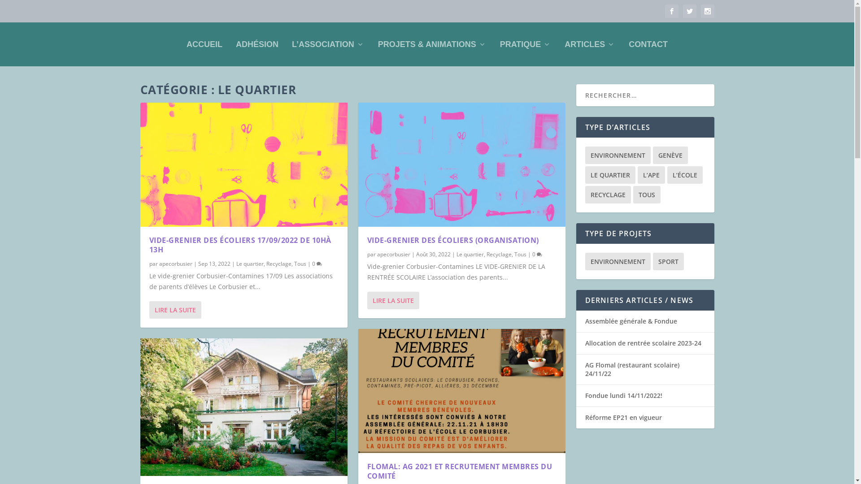 The width and height of the screenshot is (861, 484). I want to click on 'Recyclage', so click(498, 254).